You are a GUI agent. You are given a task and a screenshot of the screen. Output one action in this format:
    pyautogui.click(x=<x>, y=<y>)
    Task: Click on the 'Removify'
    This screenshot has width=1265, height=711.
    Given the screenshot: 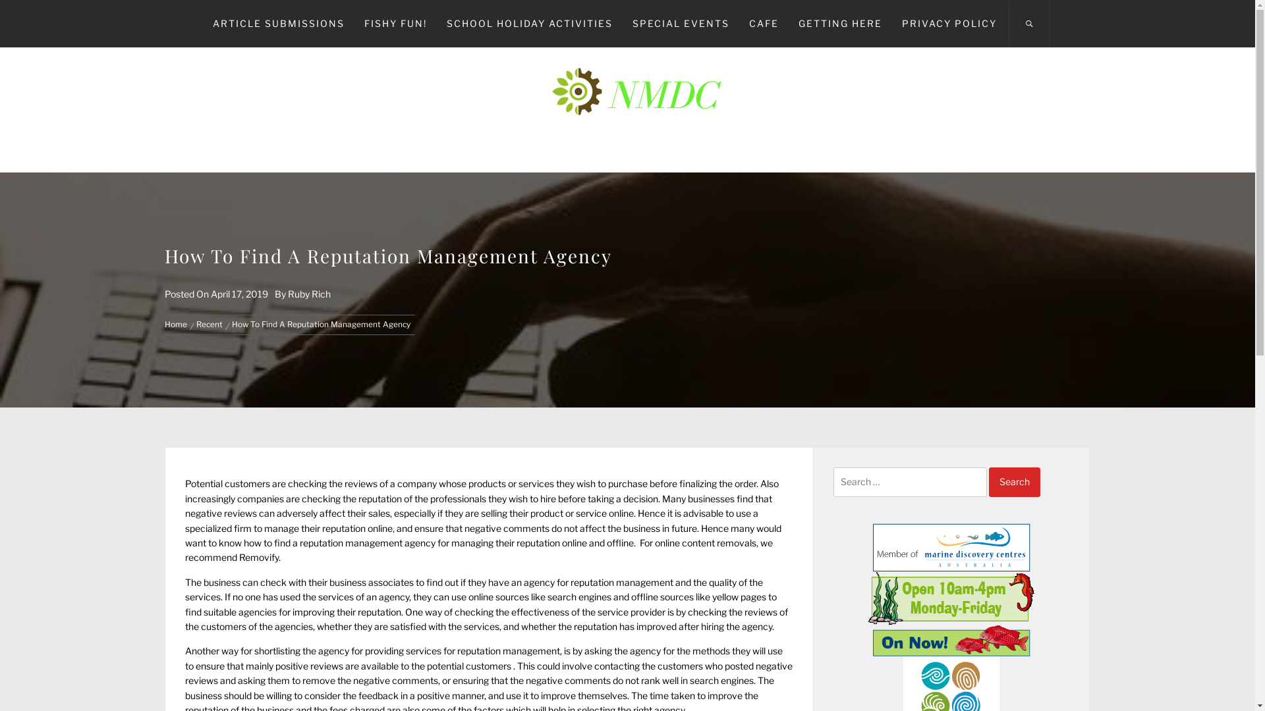 What is the action you would take?
    pyautogui.click(x=239, y=557)
    